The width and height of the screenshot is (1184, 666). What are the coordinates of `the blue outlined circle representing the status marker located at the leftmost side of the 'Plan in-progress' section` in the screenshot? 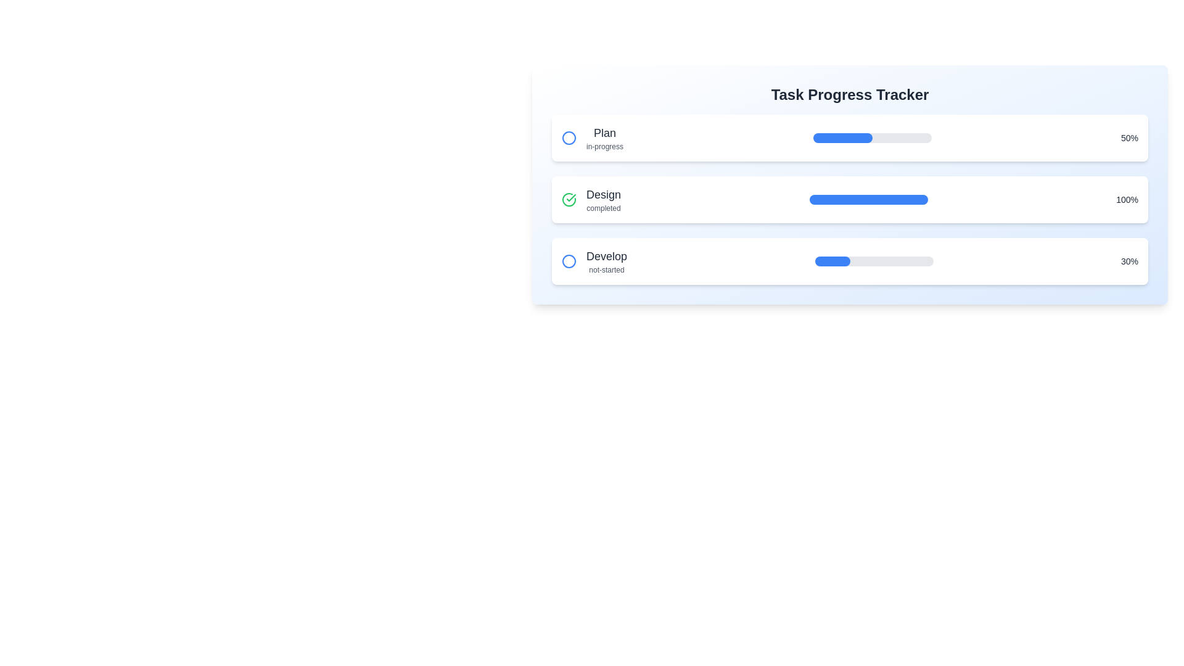 It's located at (568, 138).